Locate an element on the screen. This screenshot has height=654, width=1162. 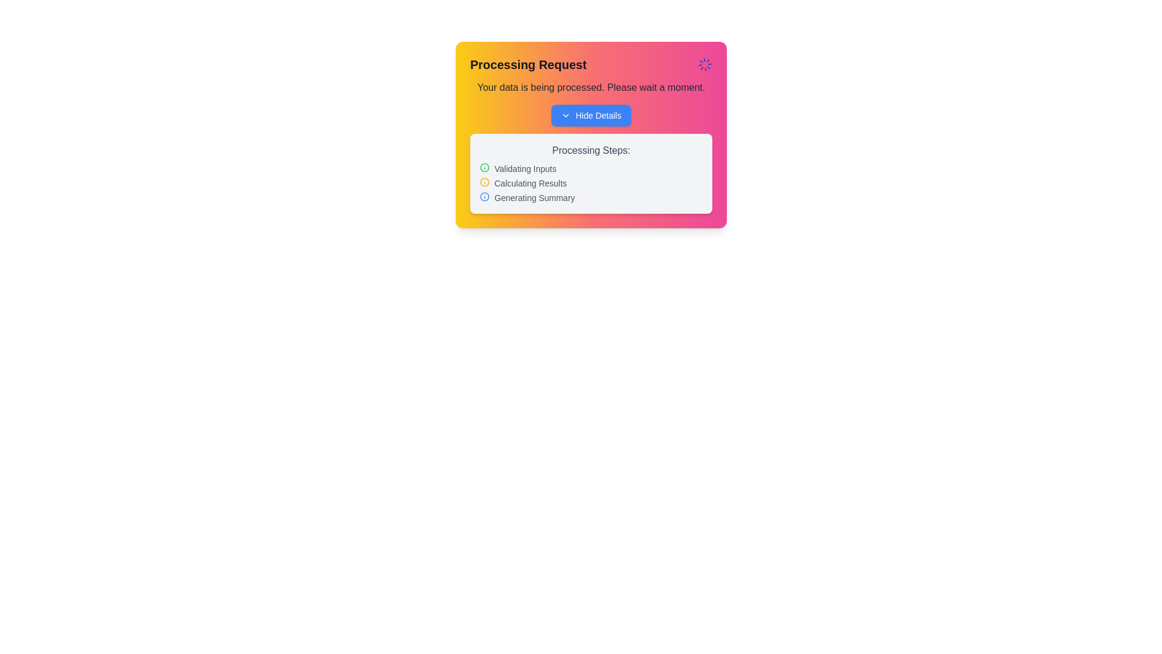
the informational icon located to the left of the text 'Calculating Results' is located at coordinates (485, 182).